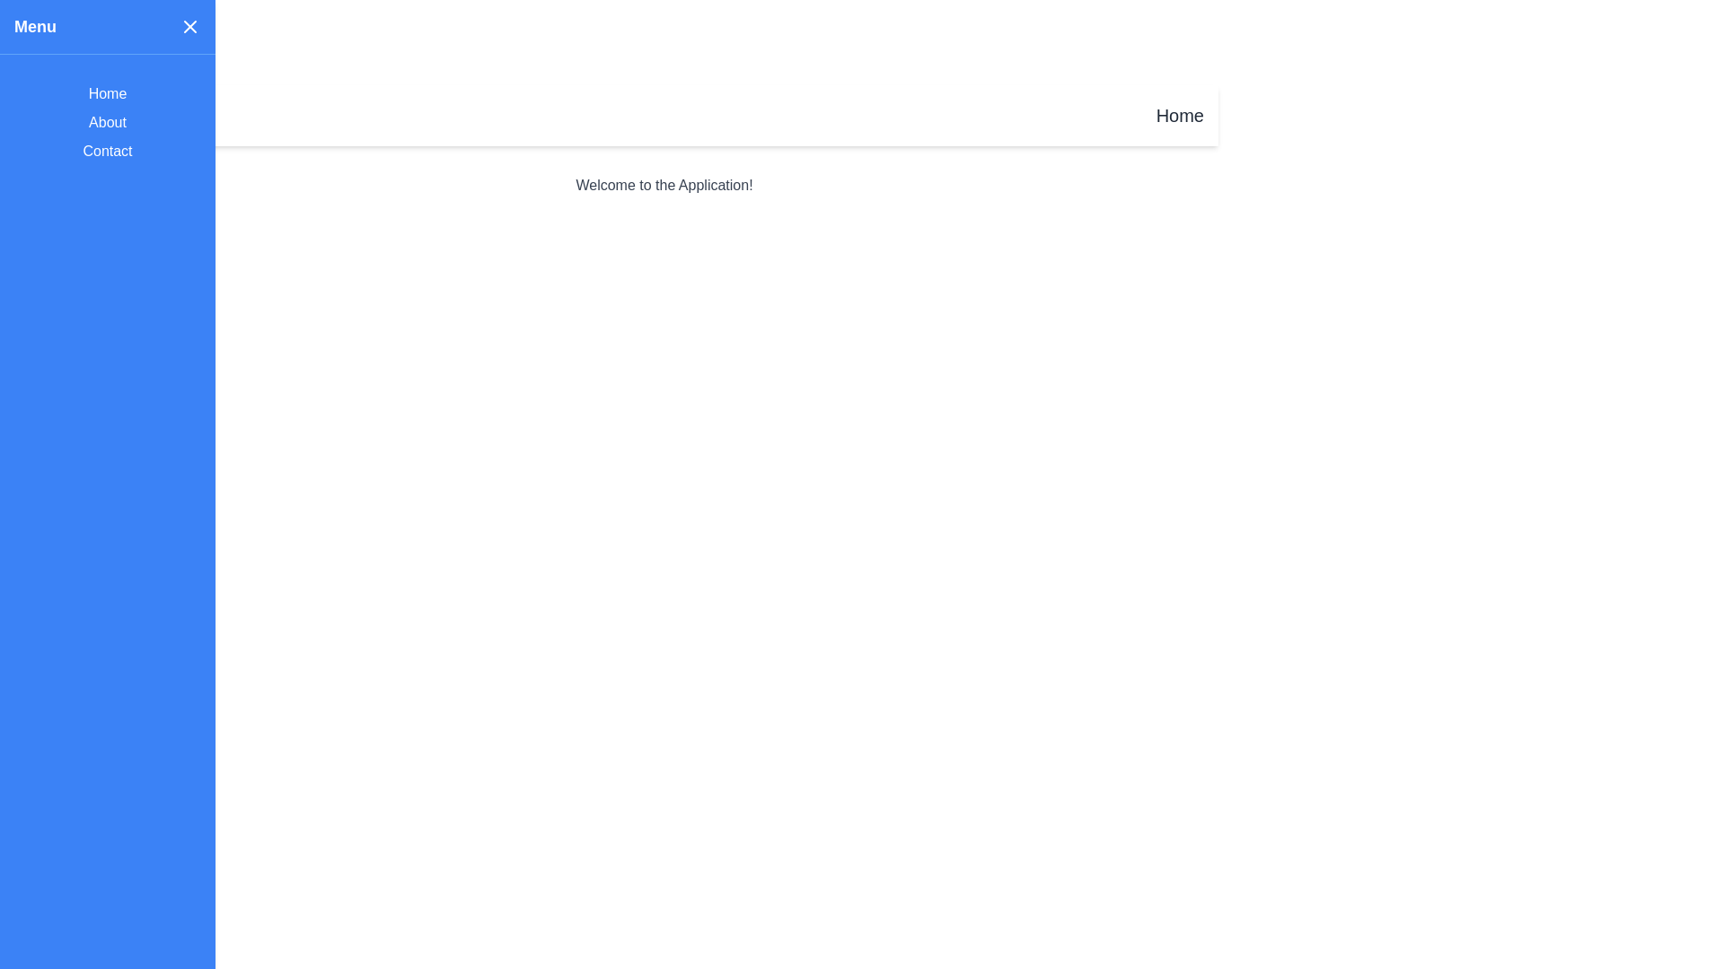 Image resolution: width=1724 pixels, height=969 pixels. Describe the element at coordinates (663, 186) in the screenshot. I see `the text element displaying 'Welcome to the Application!' which is styled with a light gray font and located near the top-center of the interface, below the main navigation menu bar` at that location.